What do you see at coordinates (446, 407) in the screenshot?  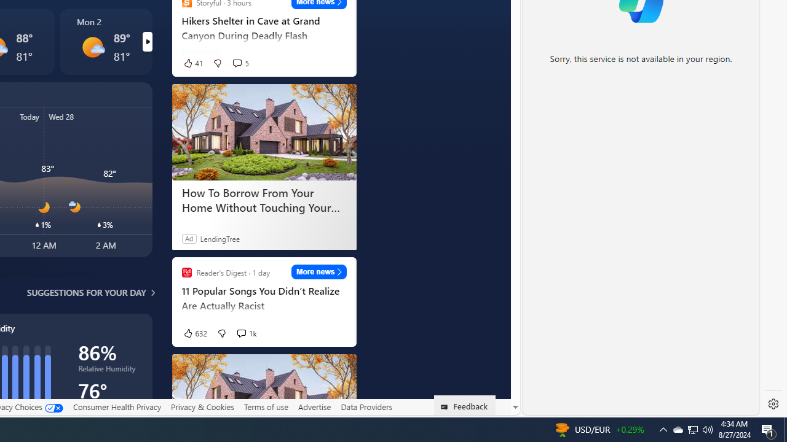 I see `'Class: feedback_link_icon-DS-EntryPoint1-1'` at bounding box center [446, 407].